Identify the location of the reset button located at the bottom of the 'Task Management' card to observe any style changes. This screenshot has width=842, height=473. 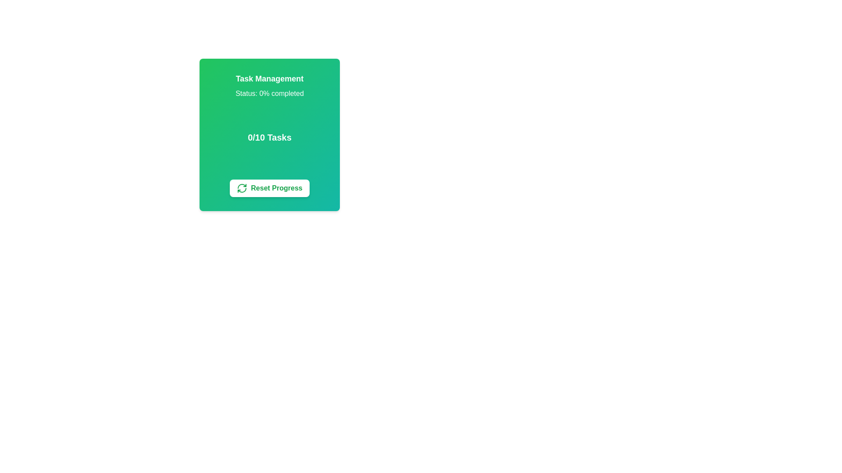
(269, 187).